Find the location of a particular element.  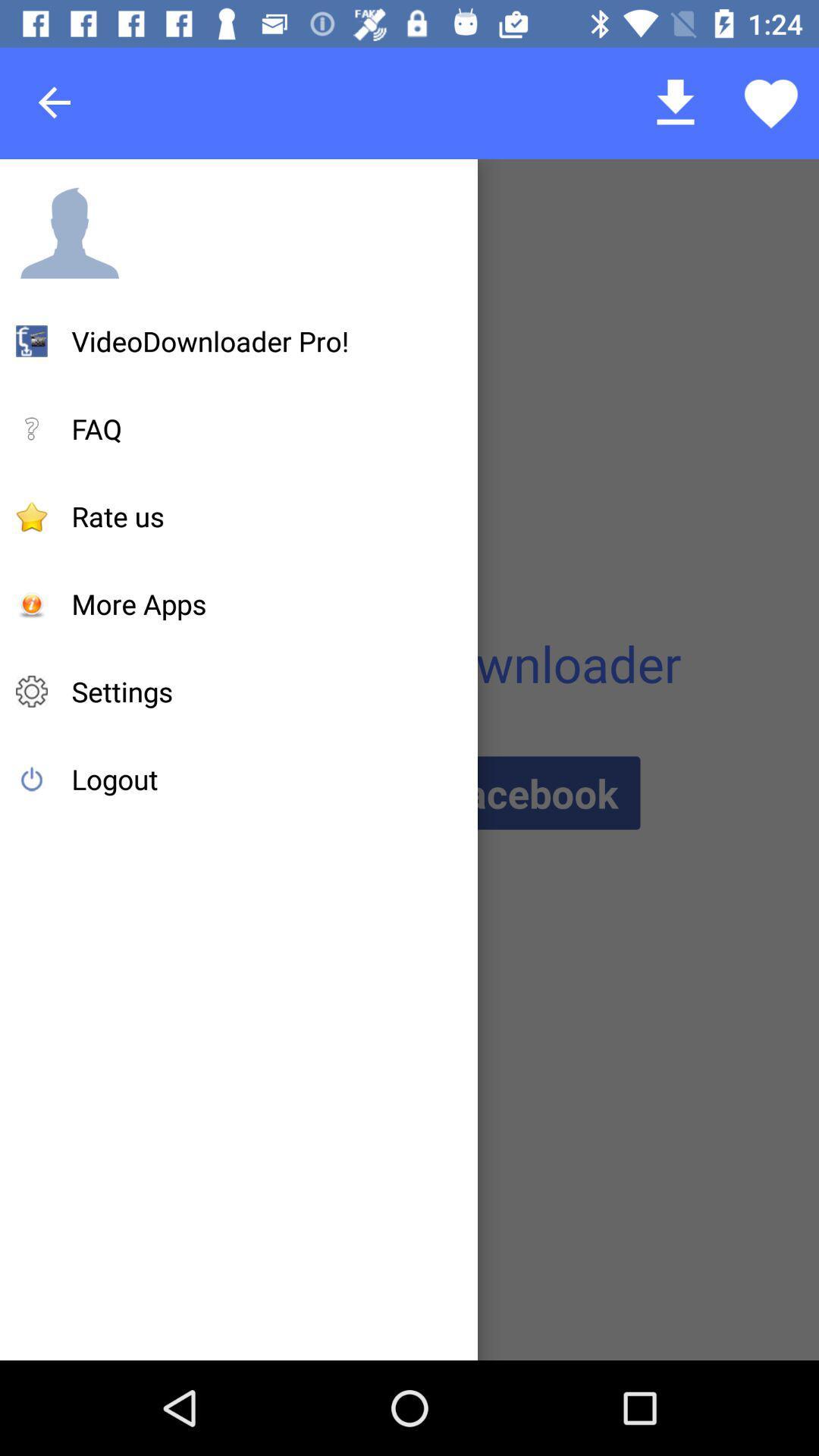

icon below the videodownloader pro! item is located at coordinates (96, 428).